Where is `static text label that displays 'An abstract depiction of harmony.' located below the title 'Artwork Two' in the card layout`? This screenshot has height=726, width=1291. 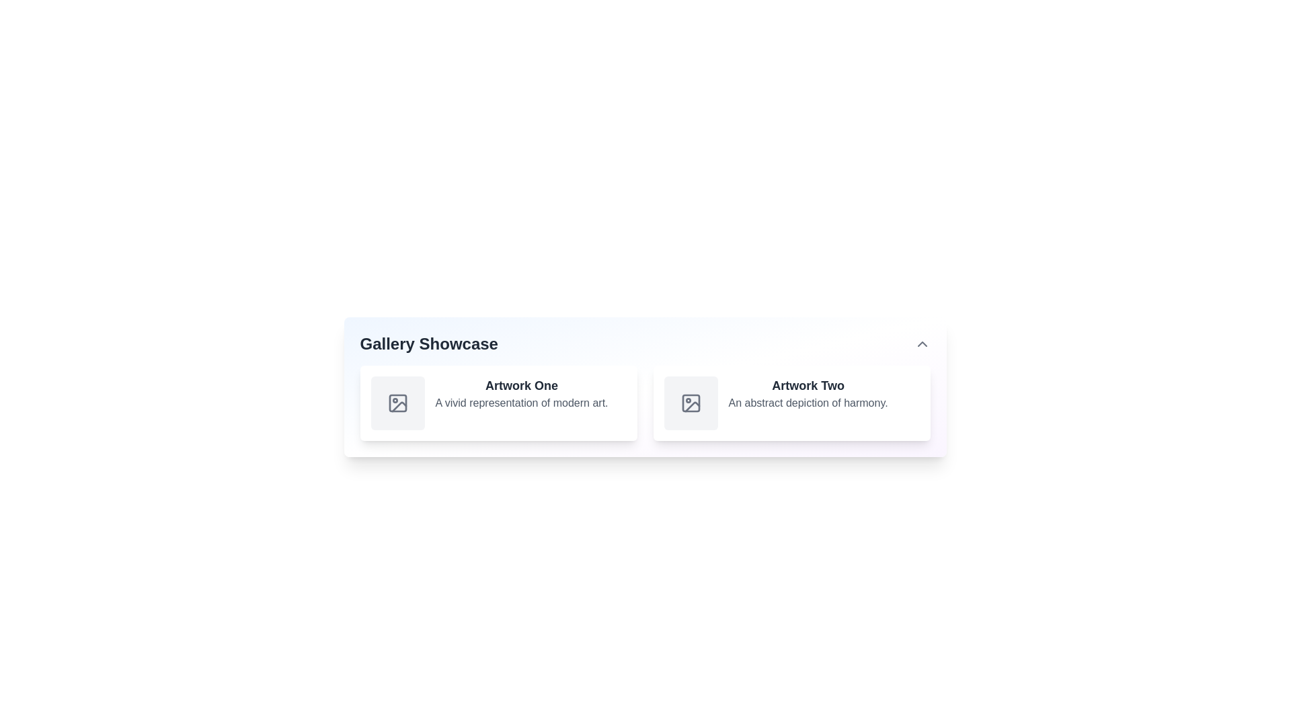 static text label that displays 'An abstract depiction of harmony.' located below the title 'Artwork Two' in the card layout is located at coordinates (808, 403).